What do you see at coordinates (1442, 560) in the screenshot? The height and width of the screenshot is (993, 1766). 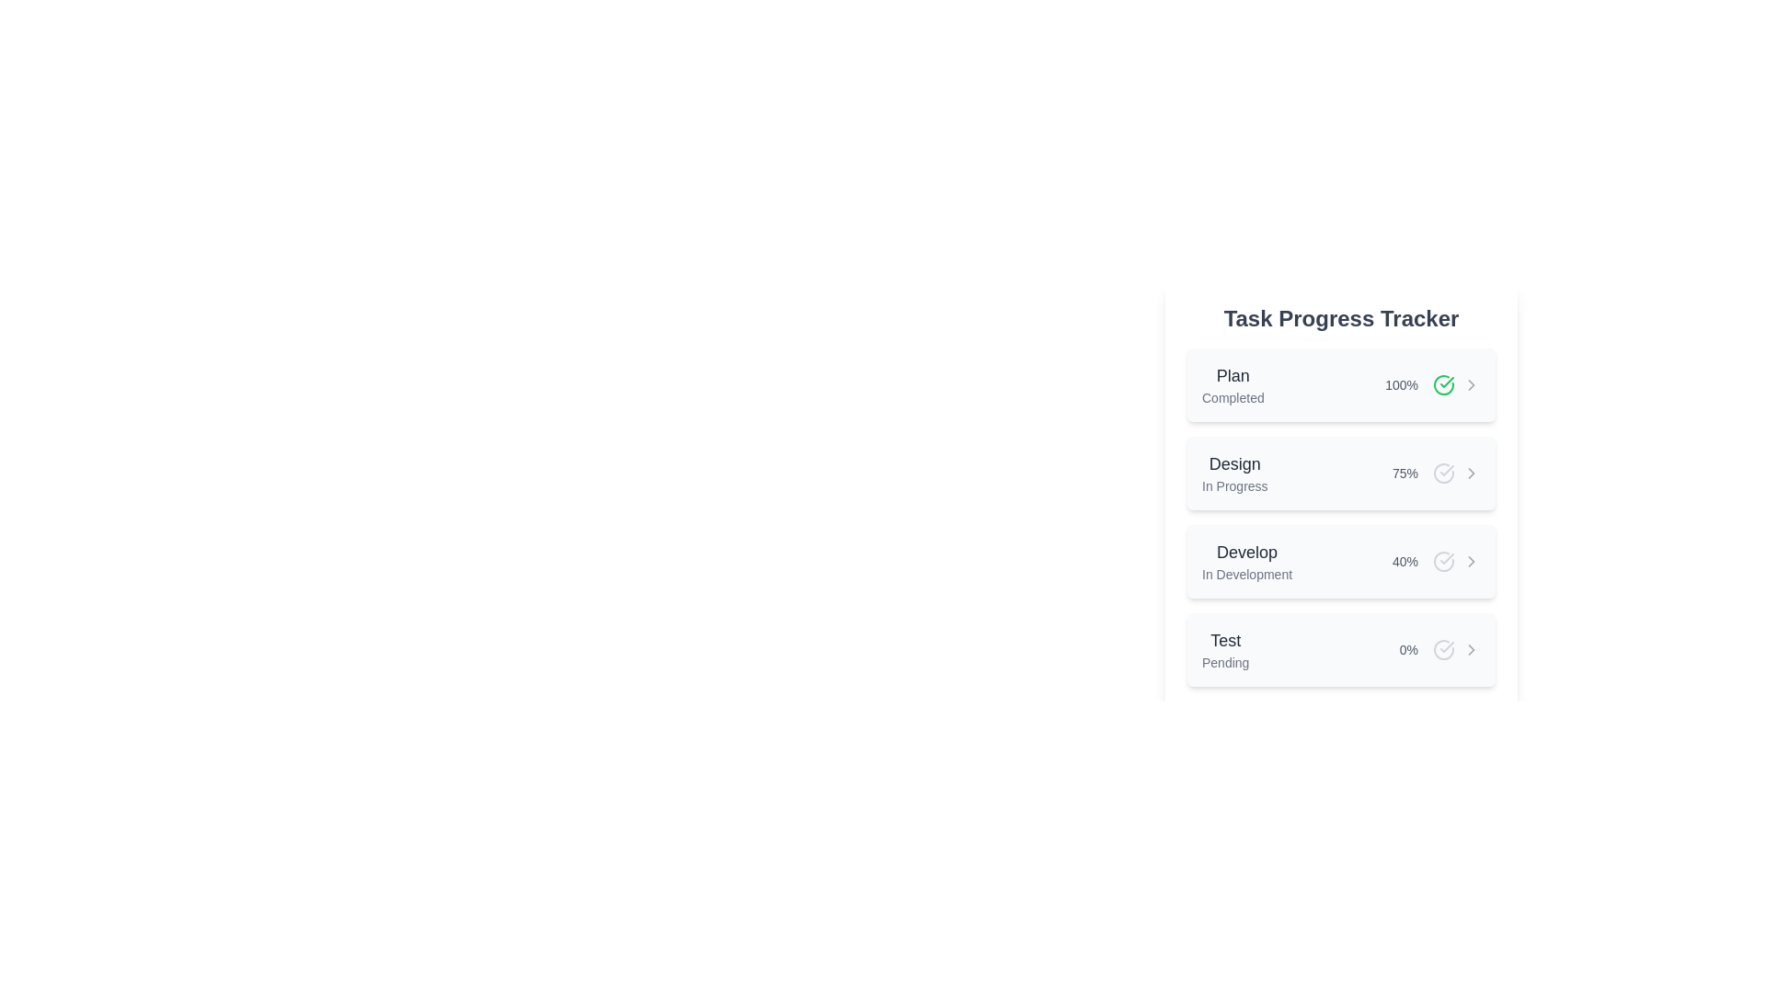 I see `the Icon graphic element that indicates the status of the 'Develop' task item in the 'Task Progress Tracker', located to the right of the 40% percentage status` at bounding box center [1442, 560].